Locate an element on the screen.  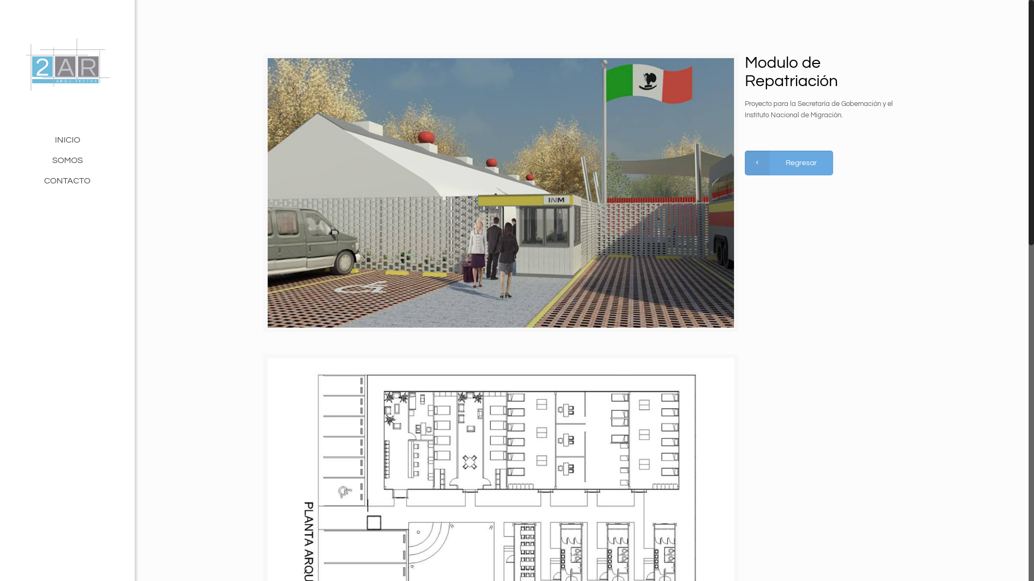
'Regresar' is located at coordinates (788, 163).